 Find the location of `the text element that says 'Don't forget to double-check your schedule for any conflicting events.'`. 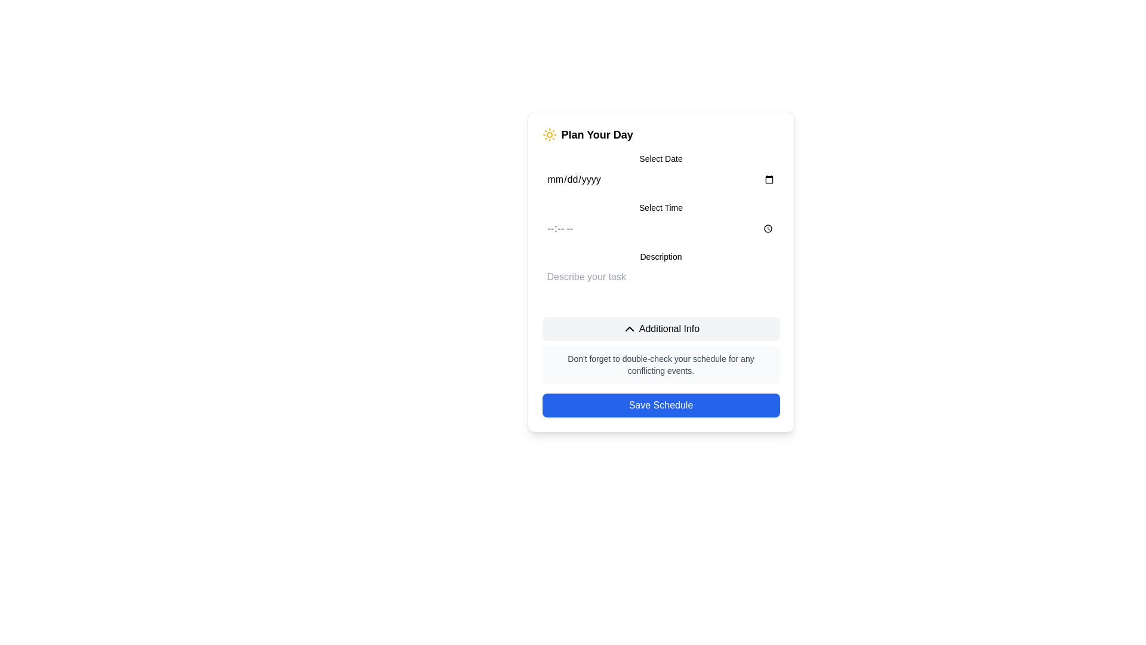

the text element that says 'Don't forget to double-check your schedule for any conflicting events.' is located at coordinates (660, 364).